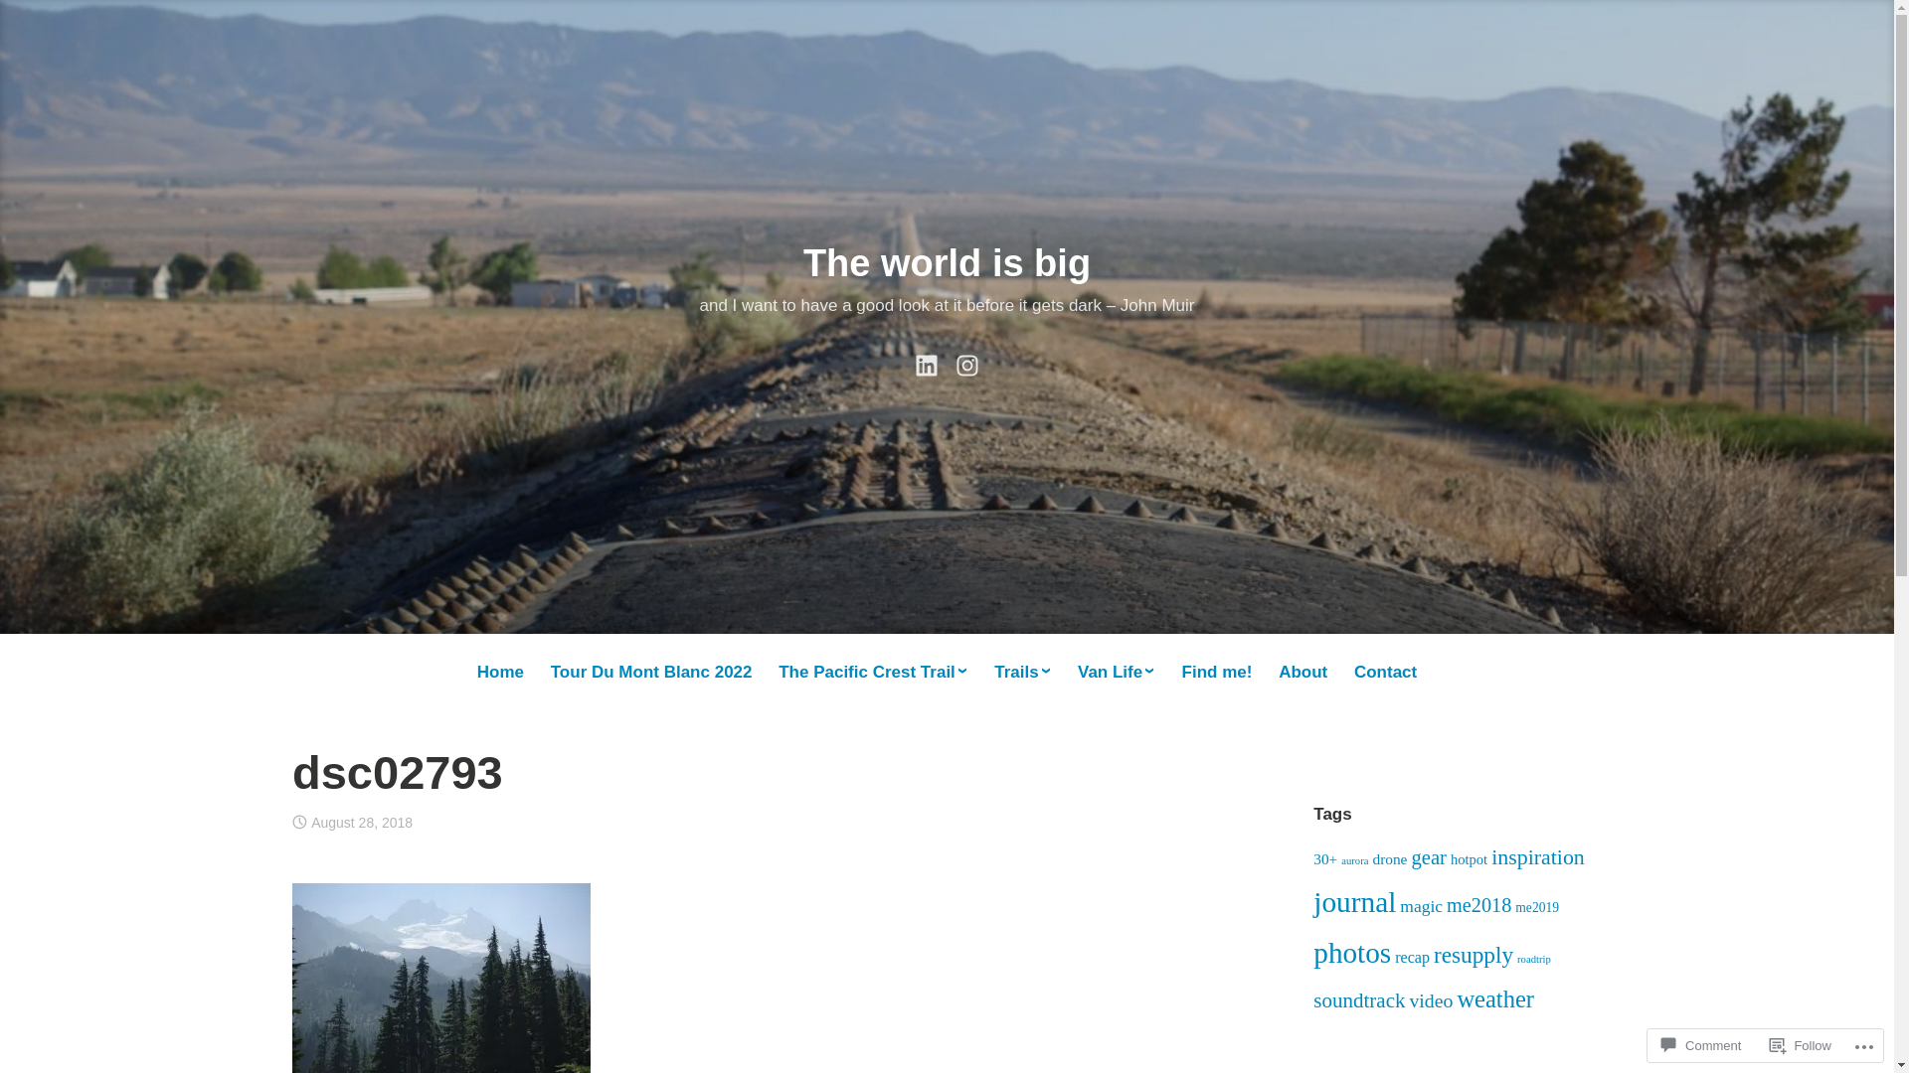  Describe the element at coordinates (1353, 901) in the screenshot. I see `'journal'` at that location.